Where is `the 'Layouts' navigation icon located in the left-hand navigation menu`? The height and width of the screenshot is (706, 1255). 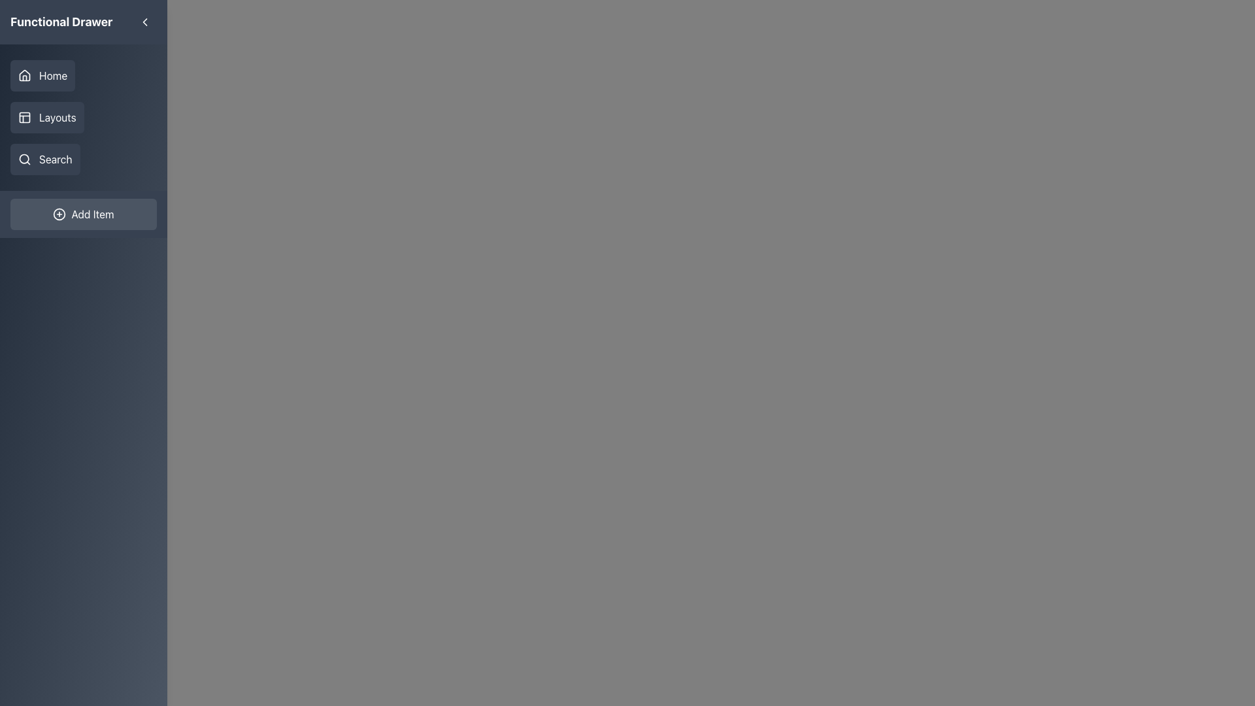 the 'Layouts' navigation icon located in the left-hand navigation menu is located at coordinates (25, 118).